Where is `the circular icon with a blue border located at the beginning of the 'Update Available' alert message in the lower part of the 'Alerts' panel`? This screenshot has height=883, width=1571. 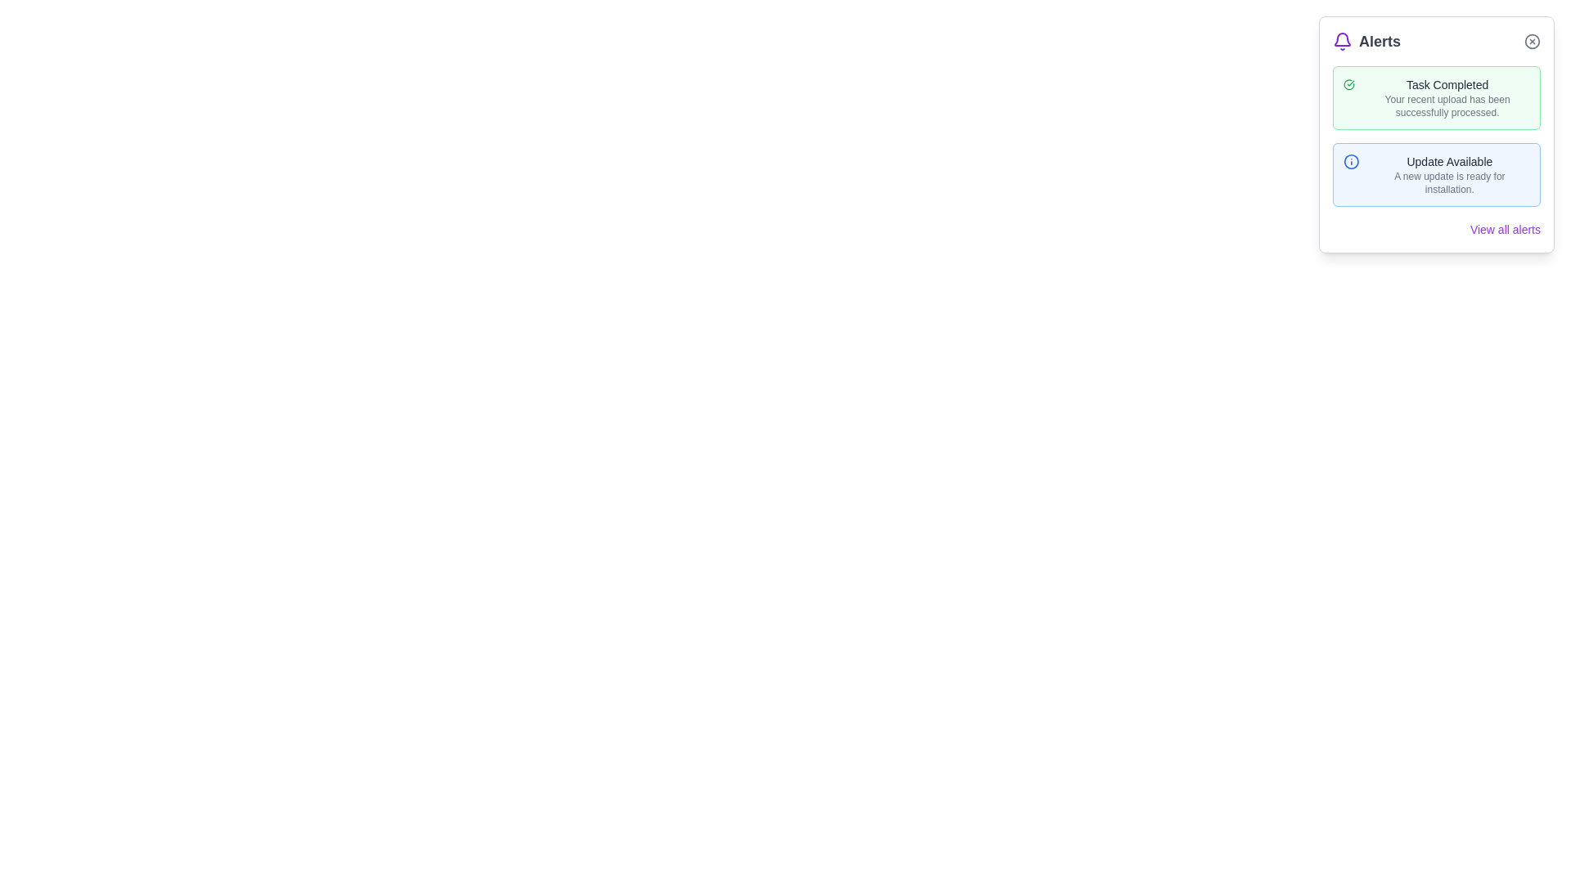
the circular icon with a blue border located at the beginning of the 'Update Available' alert message in the lower part of the 'Alerts' panel is located at coordinates (1351, 161).